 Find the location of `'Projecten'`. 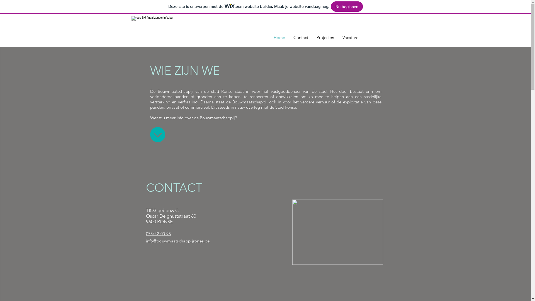

'Projecten' is located at coordinates (325, 38).